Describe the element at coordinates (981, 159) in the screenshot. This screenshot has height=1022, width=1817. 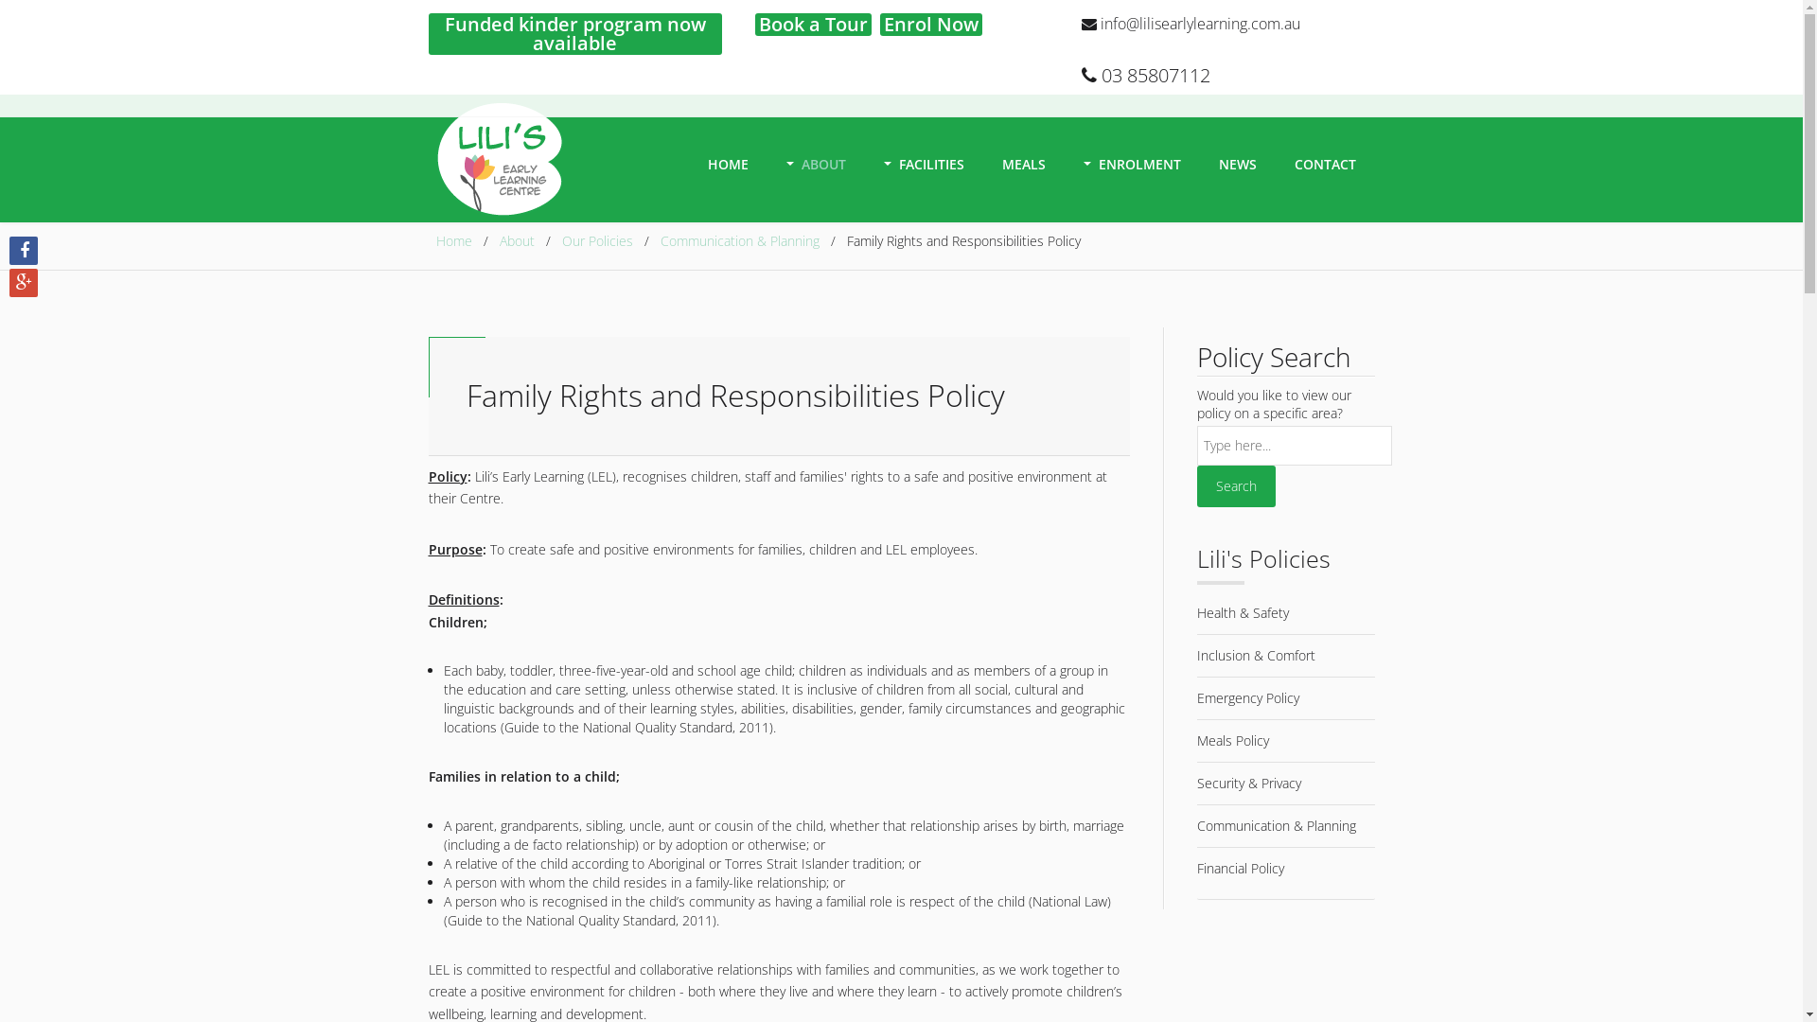
I see `'MEALS'` at that location.